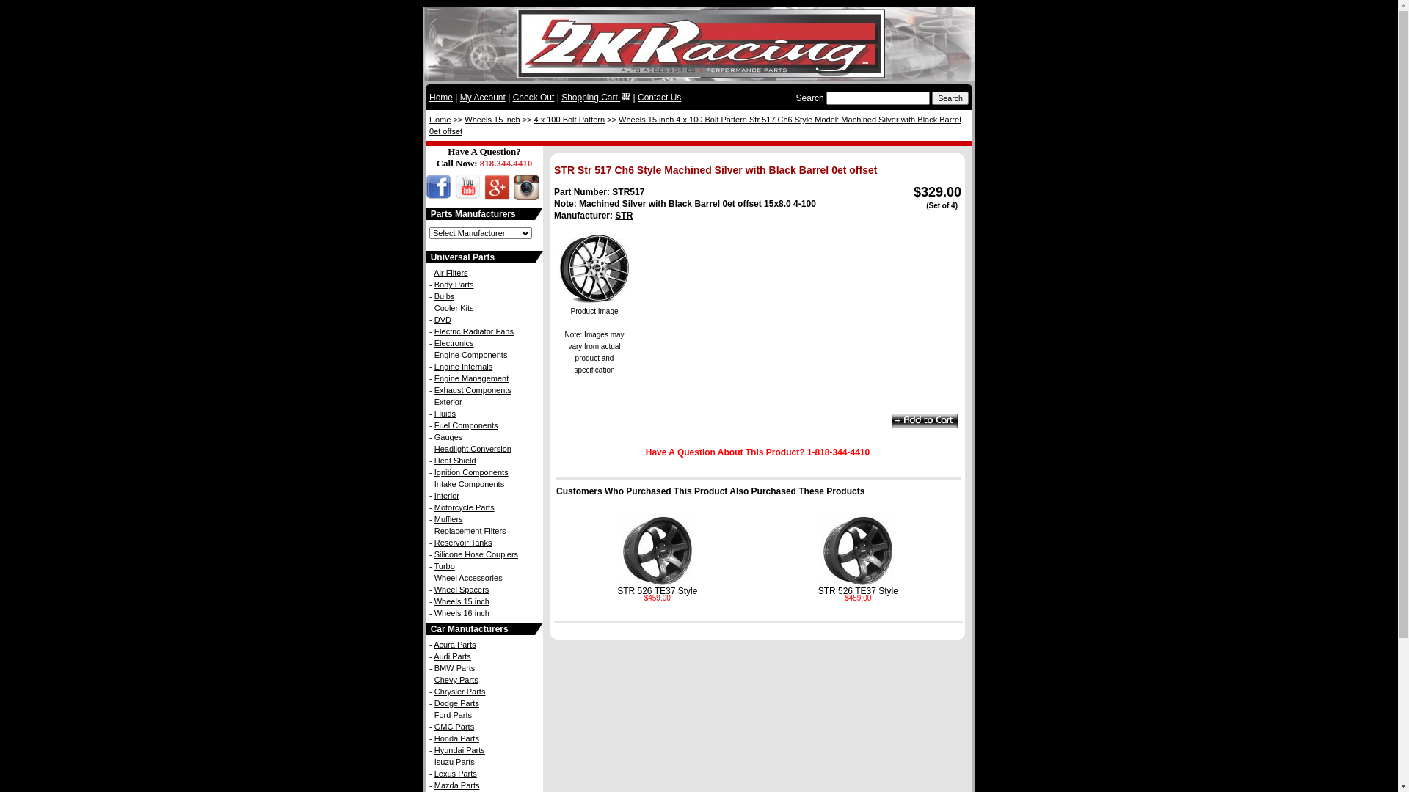 This screenshot has width=1409, height=792. What do you see at coordinates (443, 296) in the screenshot?
I see `'Bulbs'` at bounding box center [443, 296].